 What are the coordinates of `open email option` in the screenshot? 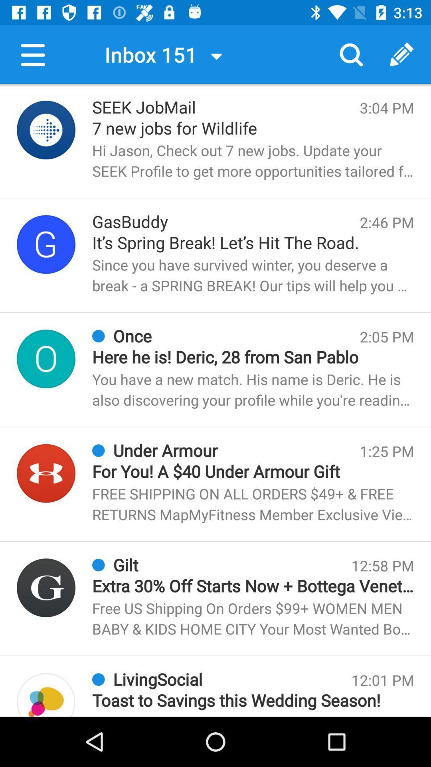 It's located at (46, 473).